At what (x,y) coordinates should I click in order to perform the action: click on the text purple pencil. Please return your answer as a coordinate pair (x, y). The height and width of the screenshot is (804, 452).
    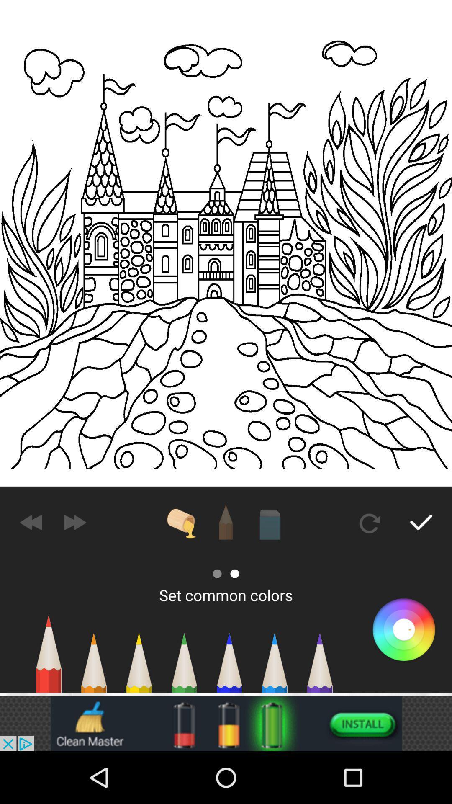
    Looking at the image, I should click on (320, 667).